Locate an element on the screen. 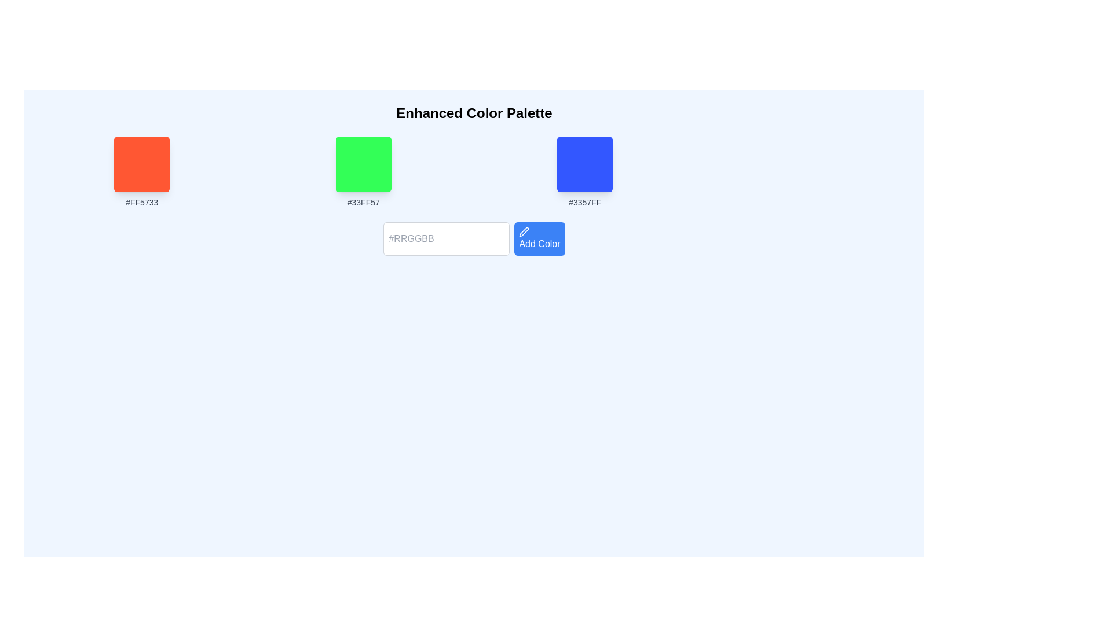 The height and width of the screenshot is (625, 1112). the color swatch component that visually represents the color #FF5733, located at the leftmost position among three color blocks in the palette is located at coordinates (141, 172).